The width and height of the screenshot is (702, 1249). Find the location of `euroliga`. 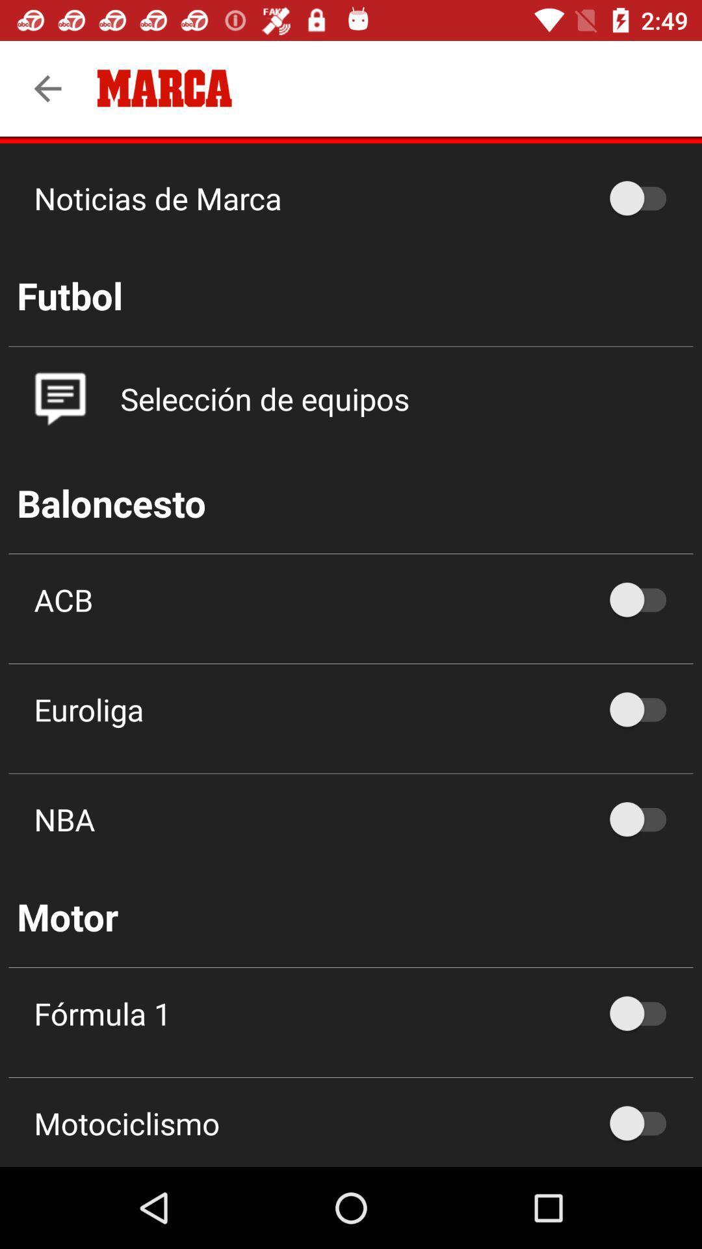

euroliga is located at coordinates (644, 708).